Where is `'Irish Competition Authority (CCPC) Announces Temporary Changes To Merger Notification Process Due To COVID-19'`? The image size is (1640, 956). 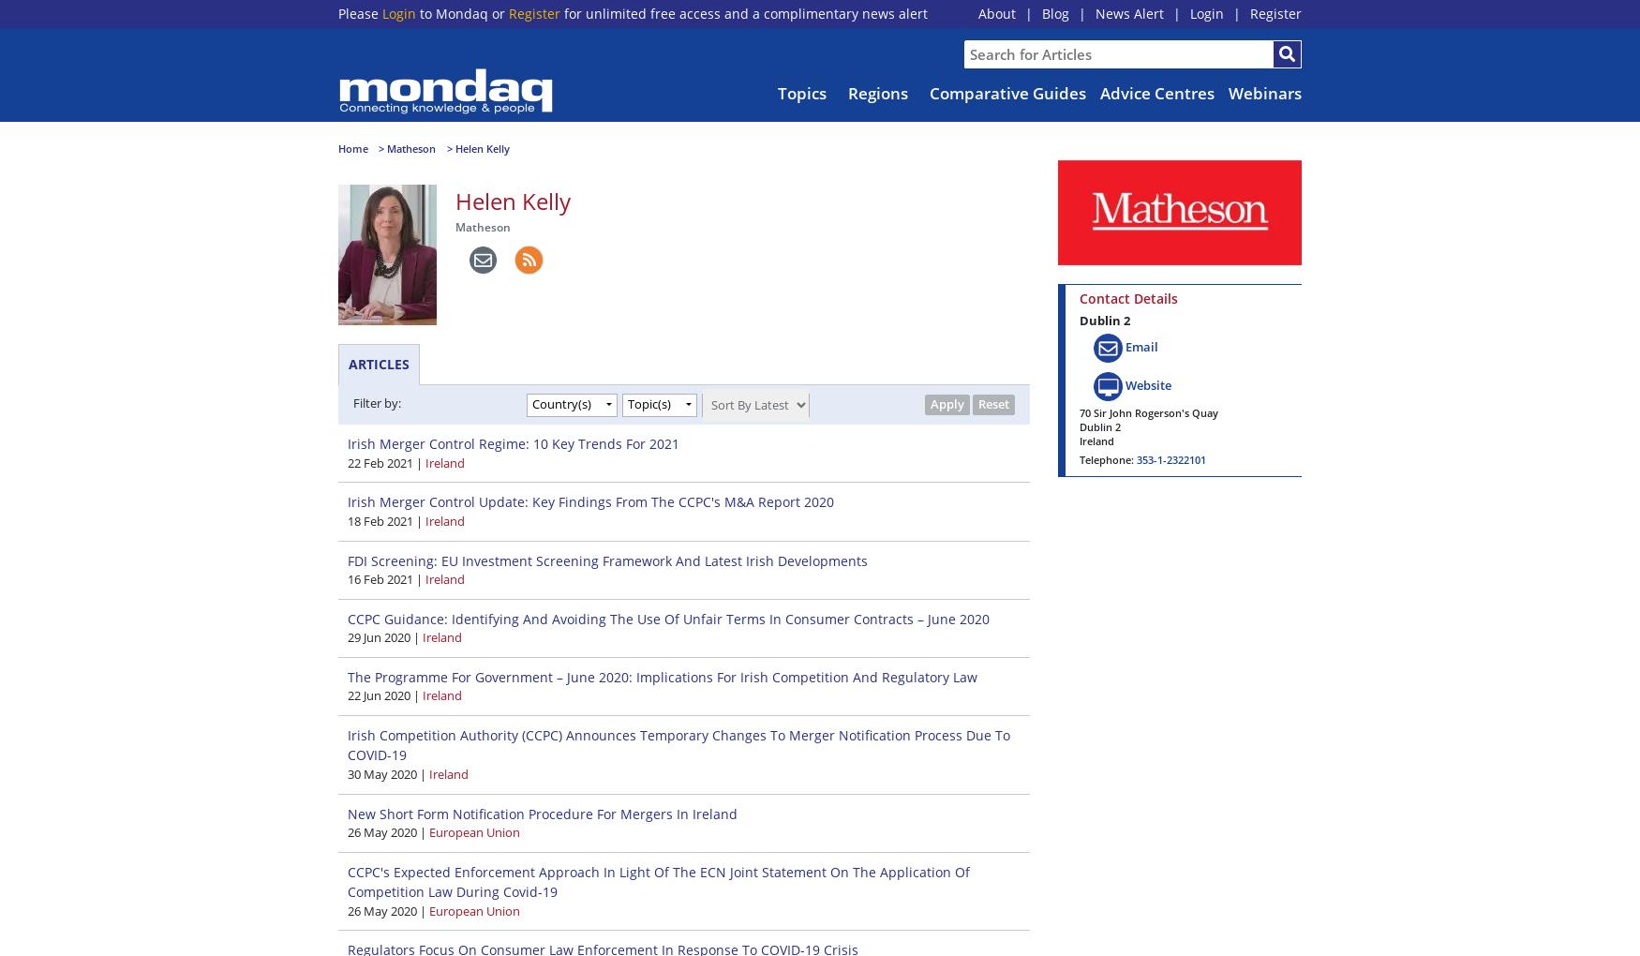
'Irish Competition Authority (CCPC) Announces Temporary Changes To Merger Notification Process Due To COVID-19' is located at coordinates (348, 743).